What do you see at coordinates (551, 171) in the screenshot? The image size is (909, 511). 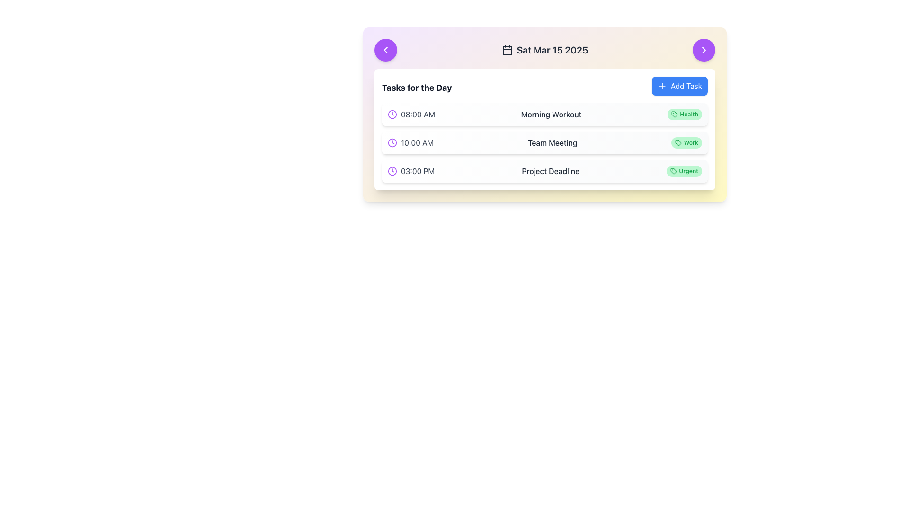 I see `text label displaying 'Project Deadline', which is located between '03:00 PM' and 'Urgent'` at bounding box center [551, 171].